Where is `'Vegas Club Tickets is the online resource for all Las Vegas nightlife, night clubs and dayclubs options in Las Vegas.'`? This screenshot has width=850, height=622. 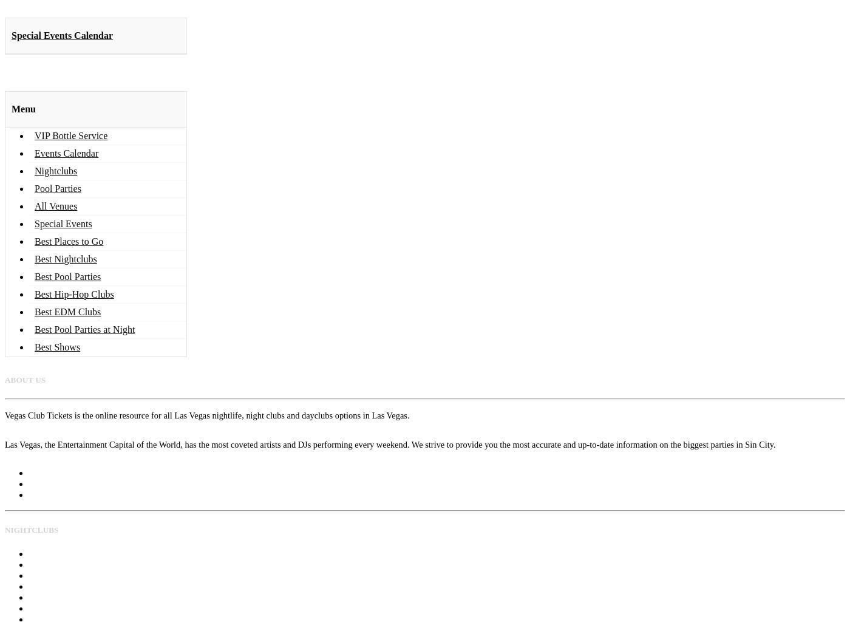 'Vegas Club Tickets is the online resource for all Las Vegas nightlife, night clubs and dayclubs options in Las Vegas.' is located at coordinates (207, 415).